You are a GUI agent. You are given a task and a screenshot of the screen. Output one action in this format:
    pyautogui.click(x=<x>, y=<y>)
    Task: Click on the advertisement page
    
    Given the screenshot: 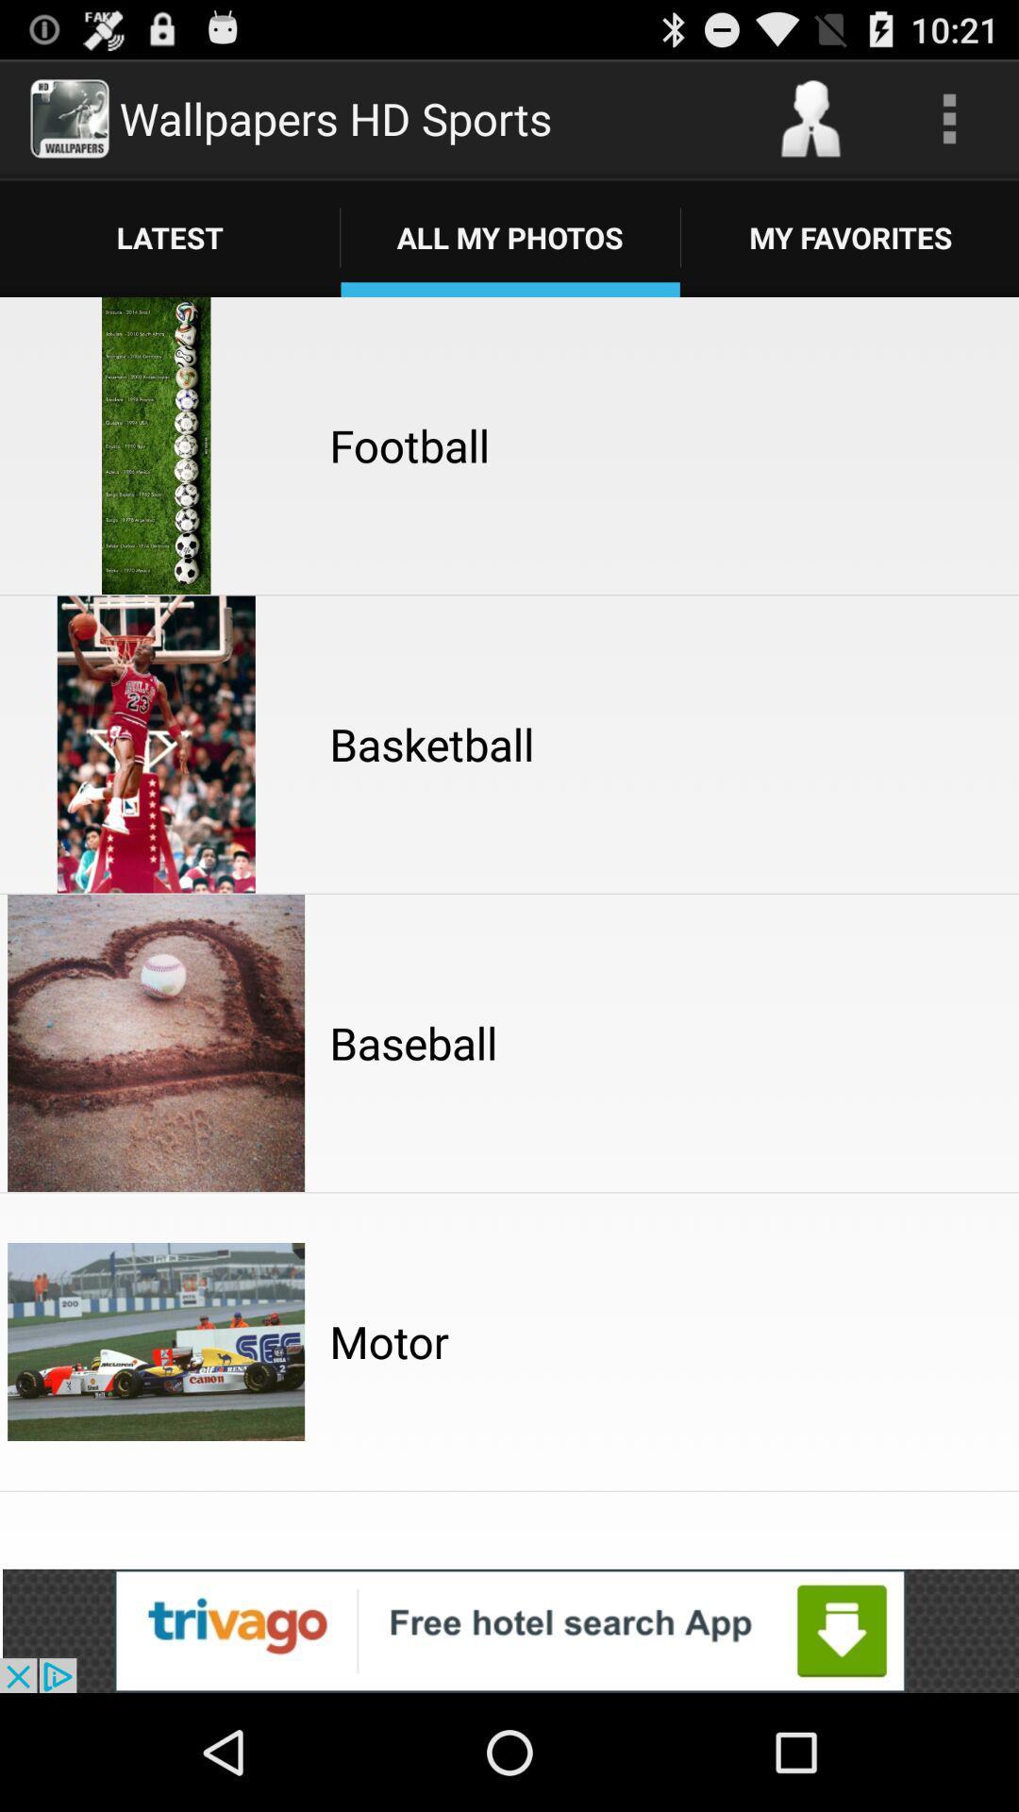 What is the action you would take?
    pyautogui.click(x=509, y=1630)
    